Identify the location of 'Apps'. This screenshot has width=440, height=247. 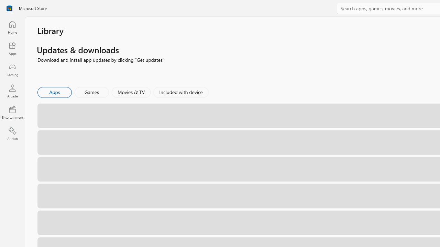
(54, 92).